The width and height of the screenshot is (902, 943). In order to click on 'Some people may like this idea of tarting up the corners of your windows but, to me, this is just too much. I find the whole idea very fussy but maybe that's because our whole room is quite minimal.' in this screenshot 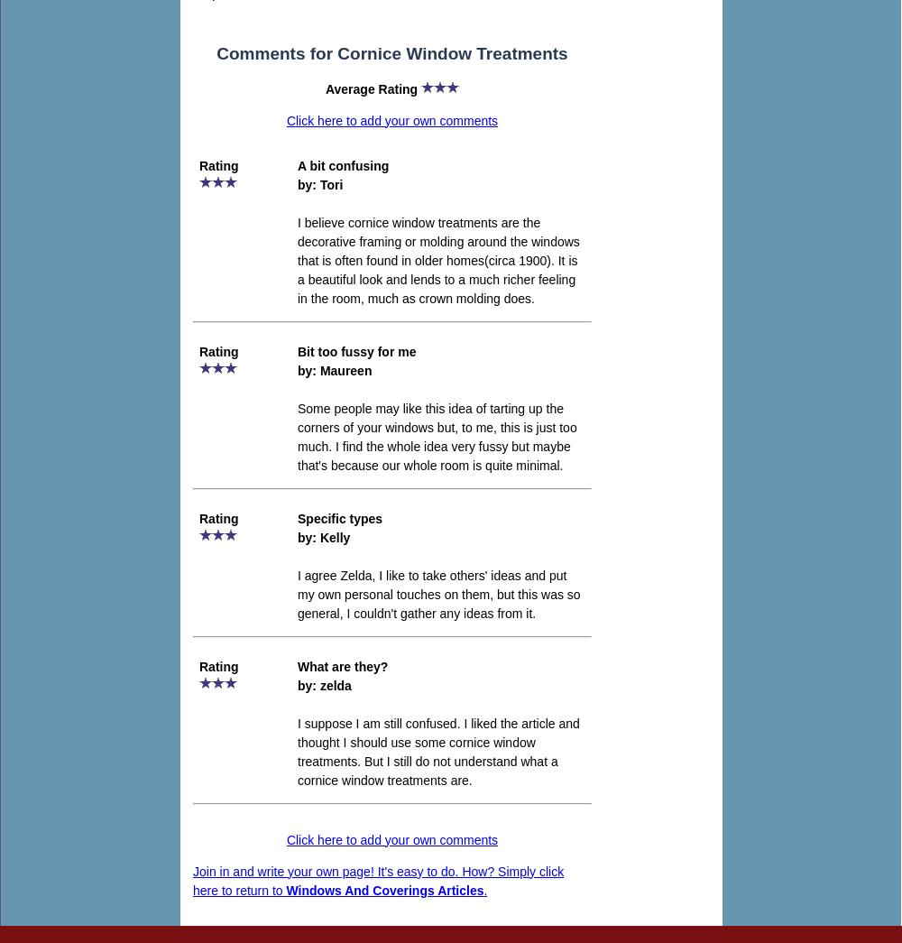, I will do `click(436, 435)`.